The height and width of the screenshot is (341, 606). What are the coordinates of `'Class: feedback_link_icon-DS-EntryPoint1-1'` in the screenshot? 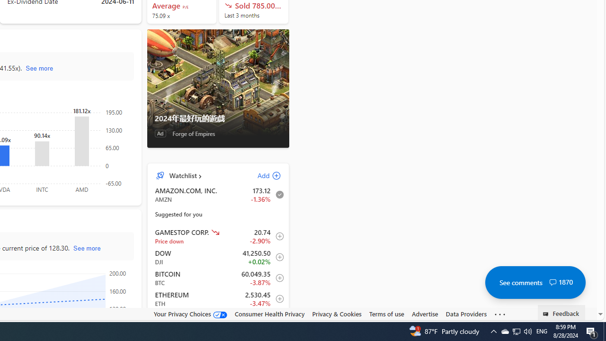 It's located at (547, 314).